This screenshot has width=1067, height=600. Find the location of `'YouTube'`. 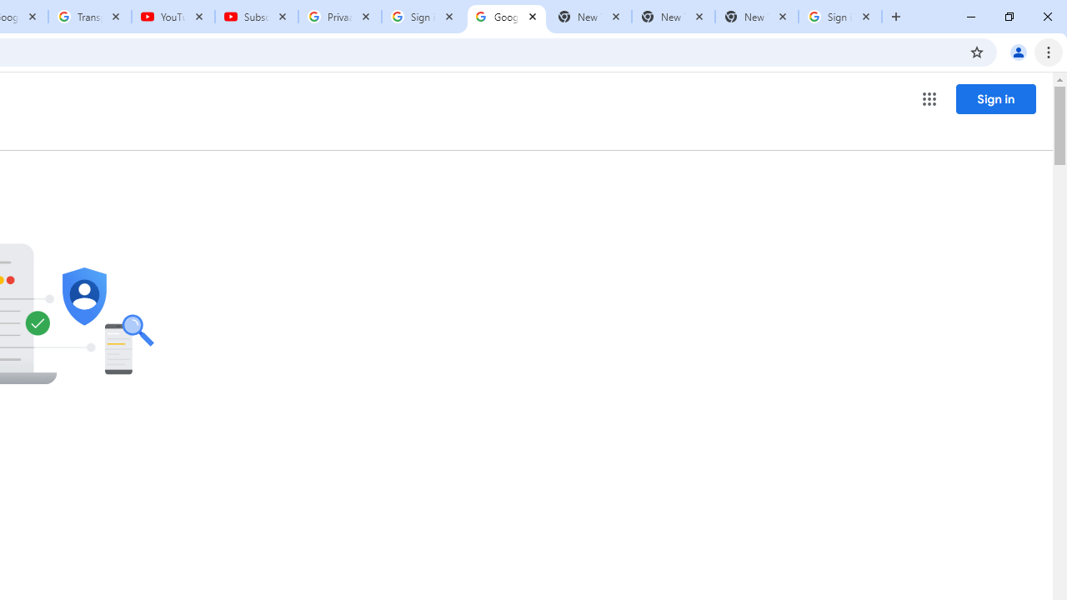

'YouTube' is located at coordinates (173, 17).